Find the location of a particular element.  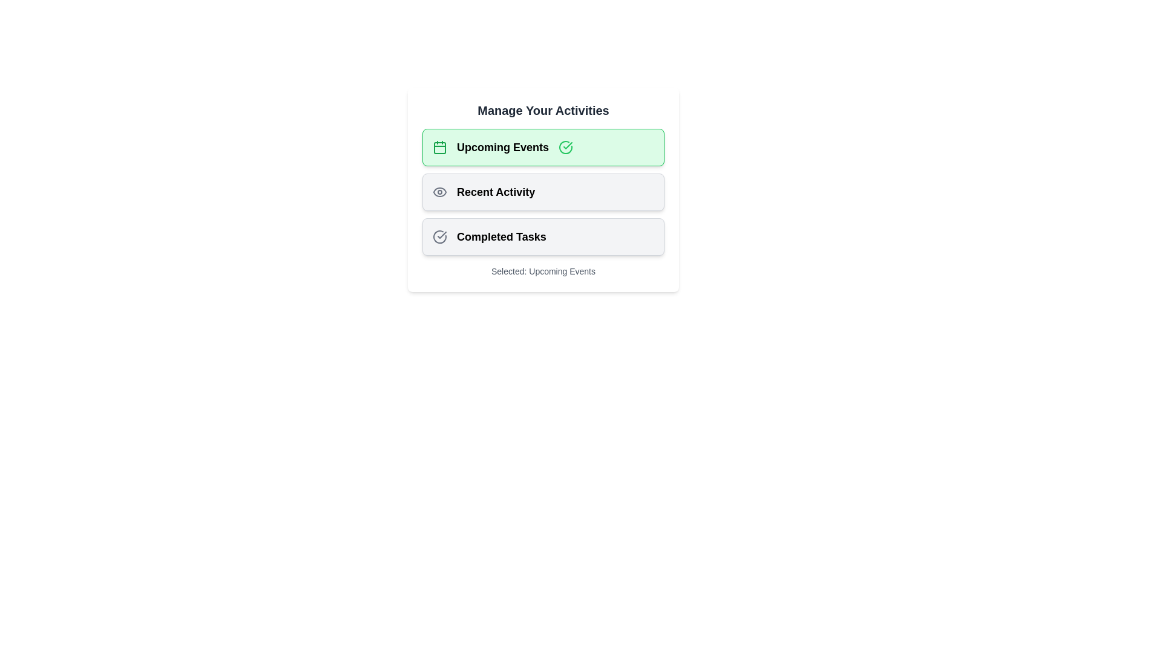

the chip labeled Recent Activity to observe the hover effect is located at coordinates (542, 191).